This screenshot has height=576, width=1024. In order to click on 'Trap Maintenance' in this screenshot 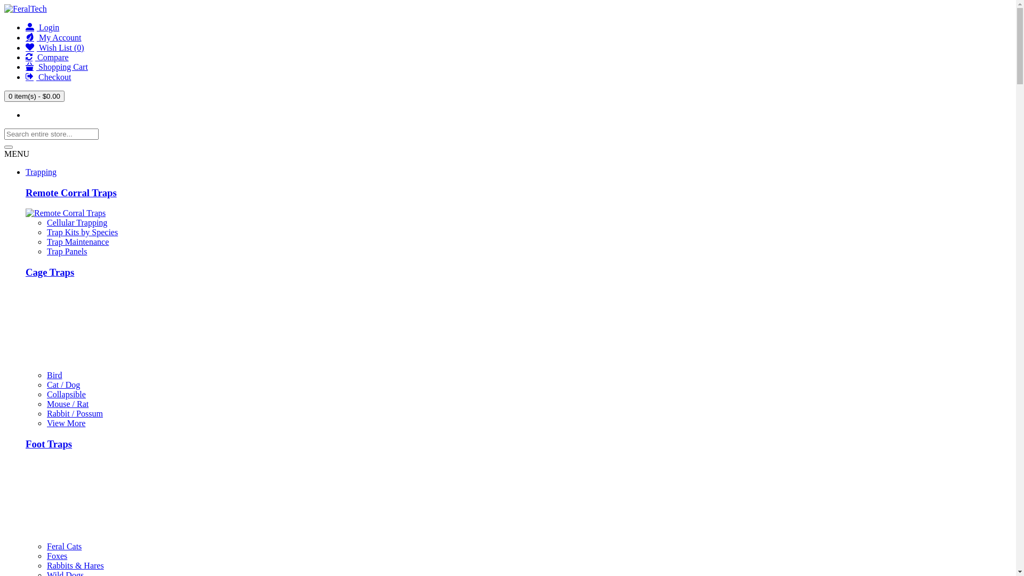, I will do `click(77, 242)`.